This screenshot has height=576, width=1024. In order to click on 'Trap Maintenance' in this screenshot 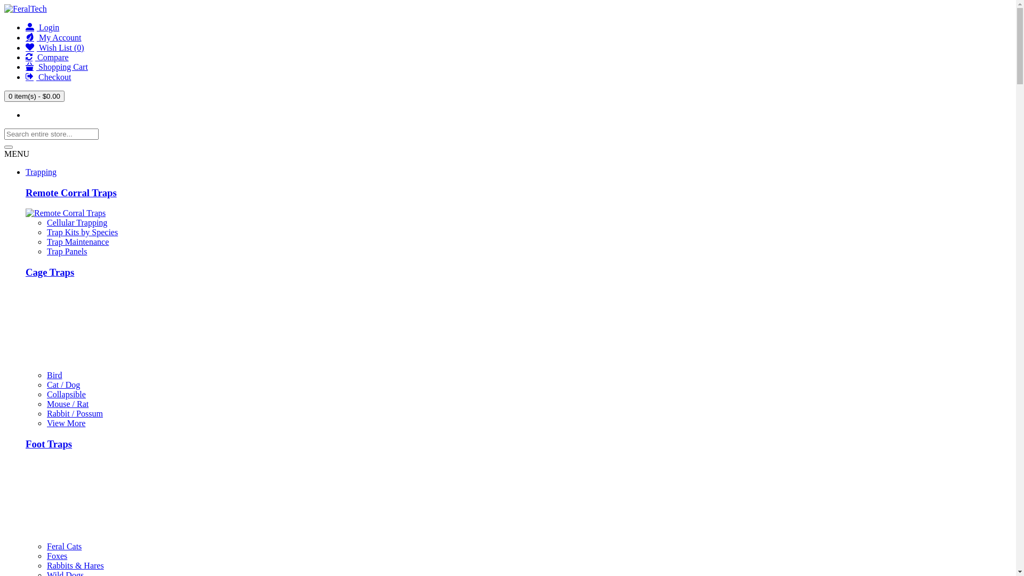, I will do `click(77, 242)`.